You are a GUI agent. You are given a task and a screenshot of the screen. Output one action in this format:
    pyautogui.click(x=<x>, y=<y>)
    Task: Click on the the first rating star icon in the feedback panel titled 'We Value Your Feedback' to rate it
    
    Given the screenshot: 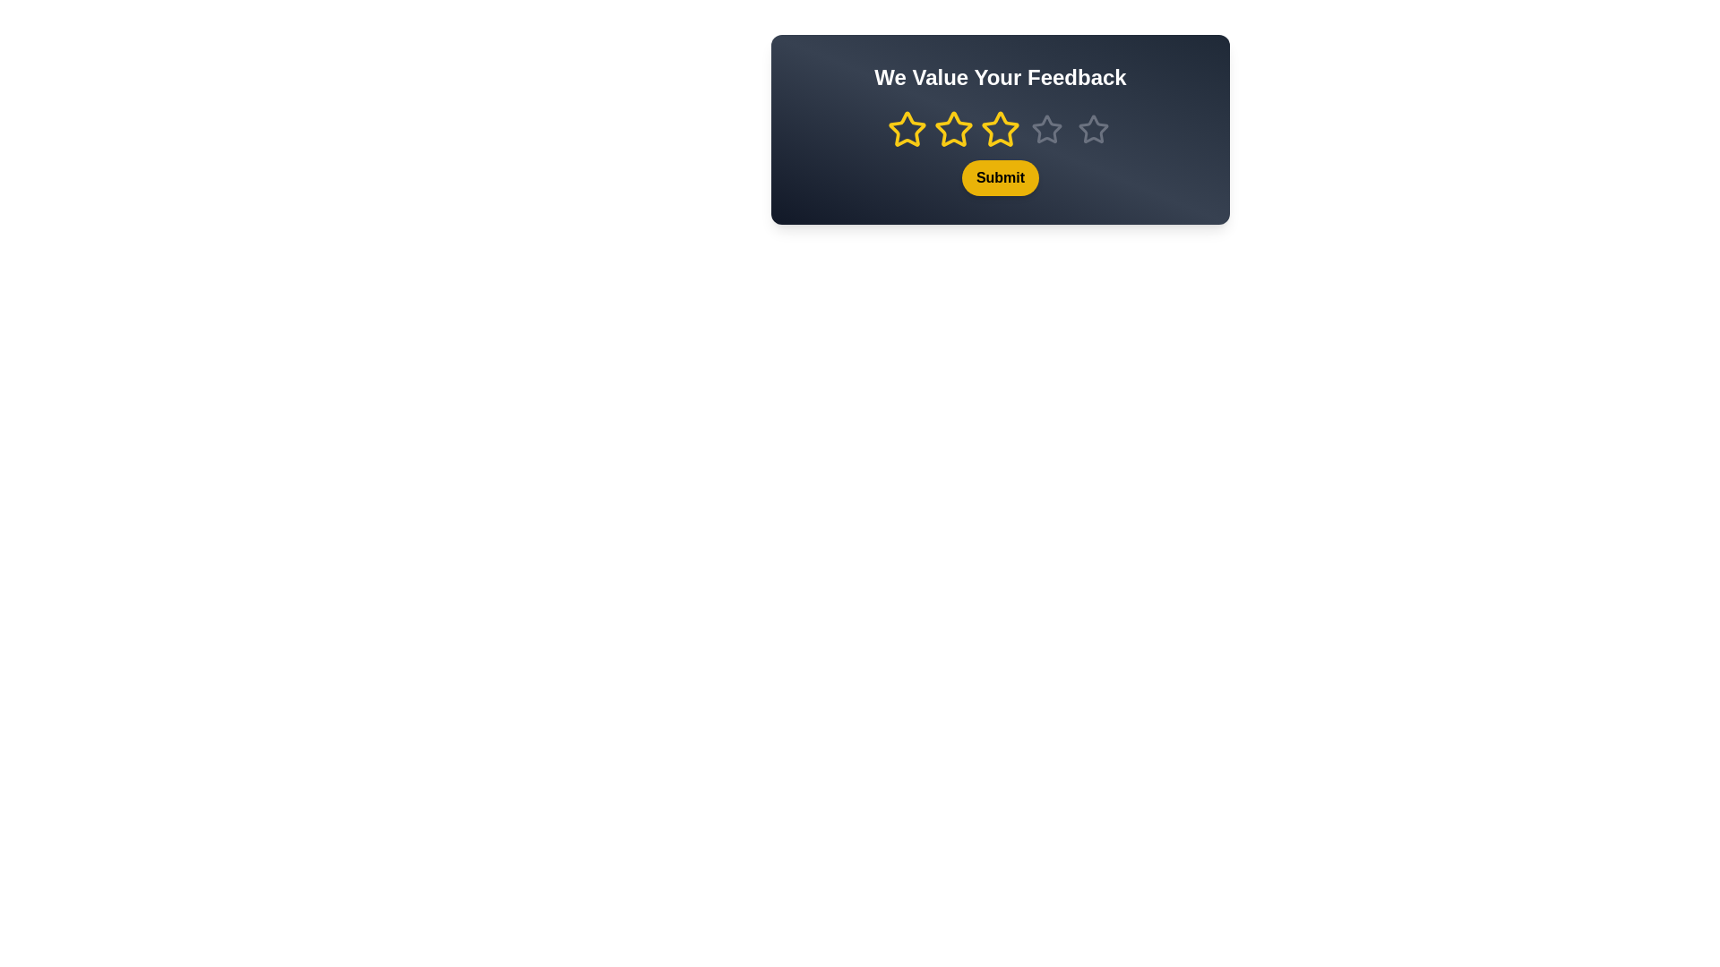 What is the action you would take?
    pyautogui.click(x=907, y=129)
    